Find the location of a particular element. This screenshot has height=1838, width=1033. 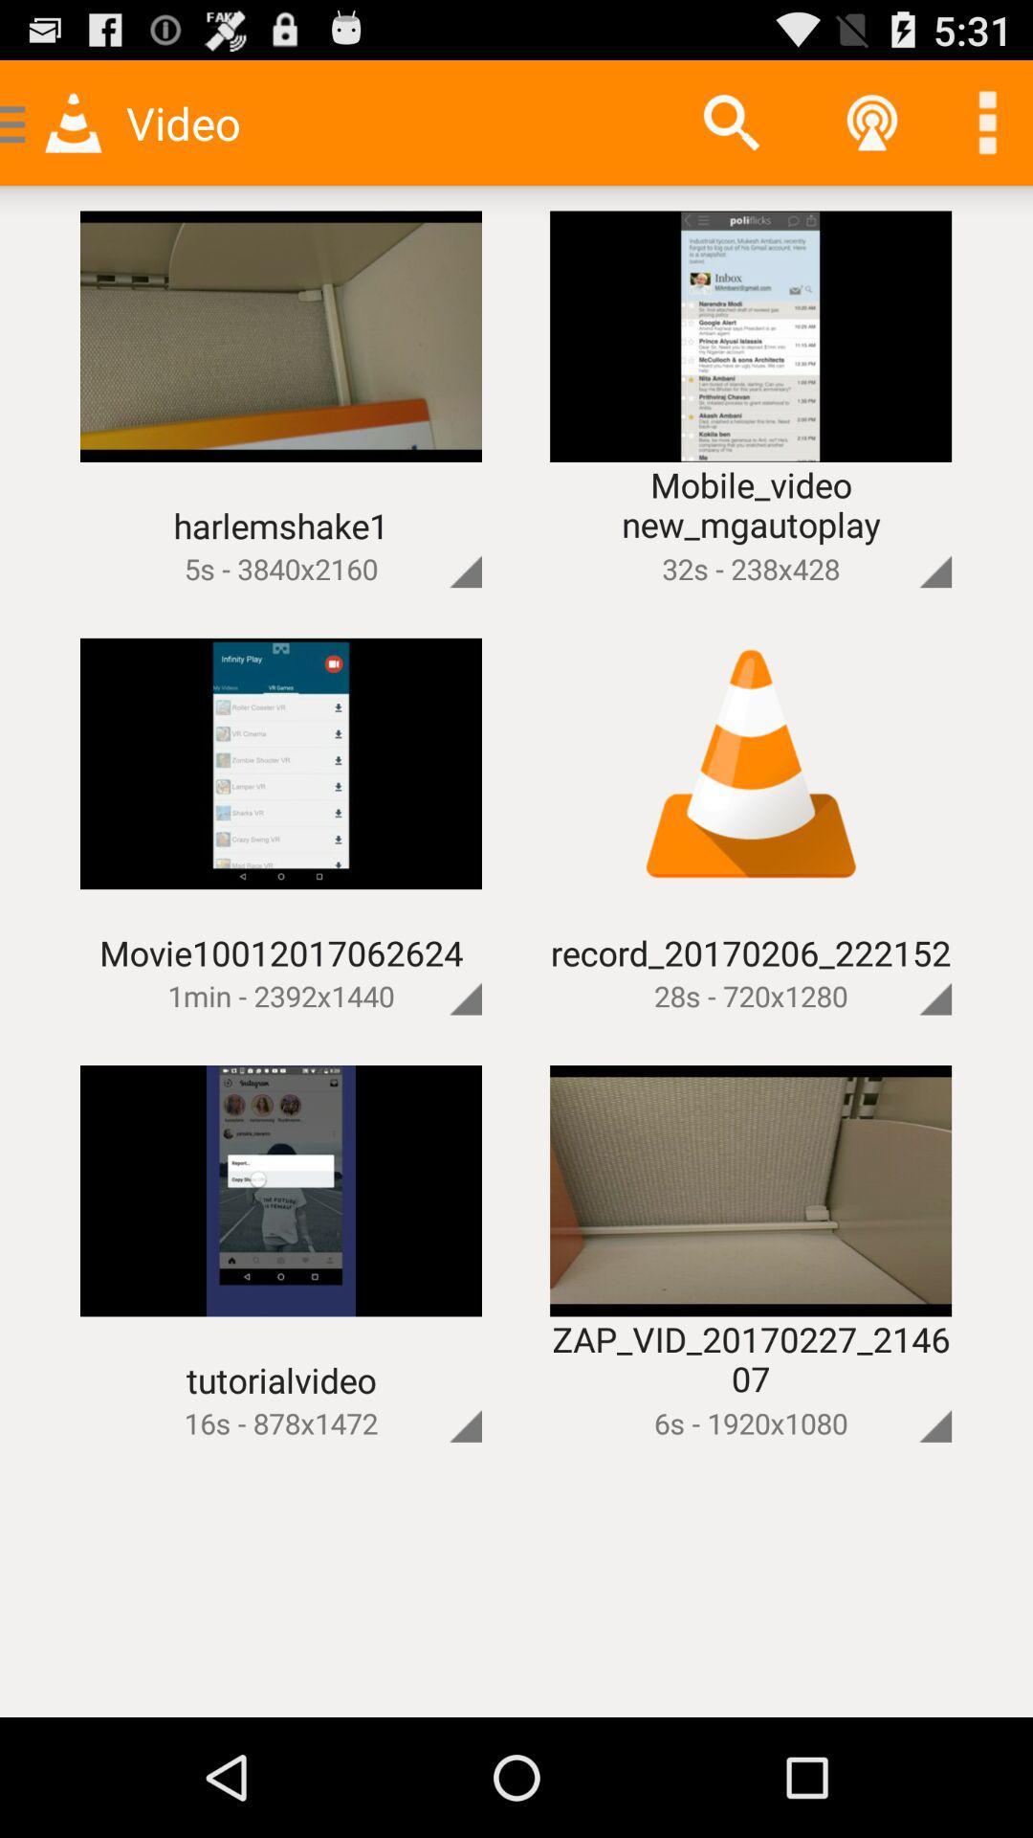

make bigger is located at coordinates (903, 1394).